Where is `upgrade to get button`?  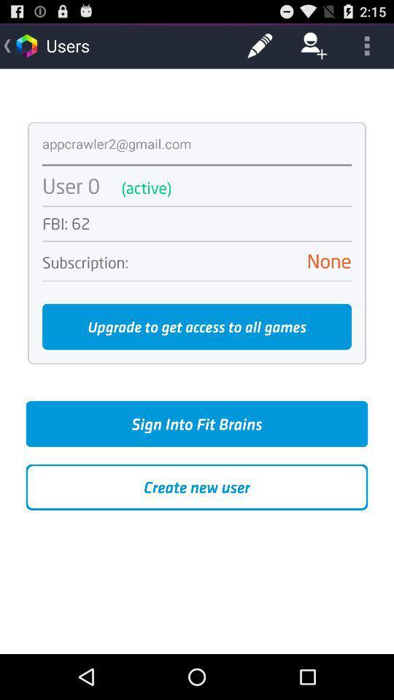 upgrade to get button is located at coordinates (197, 327).